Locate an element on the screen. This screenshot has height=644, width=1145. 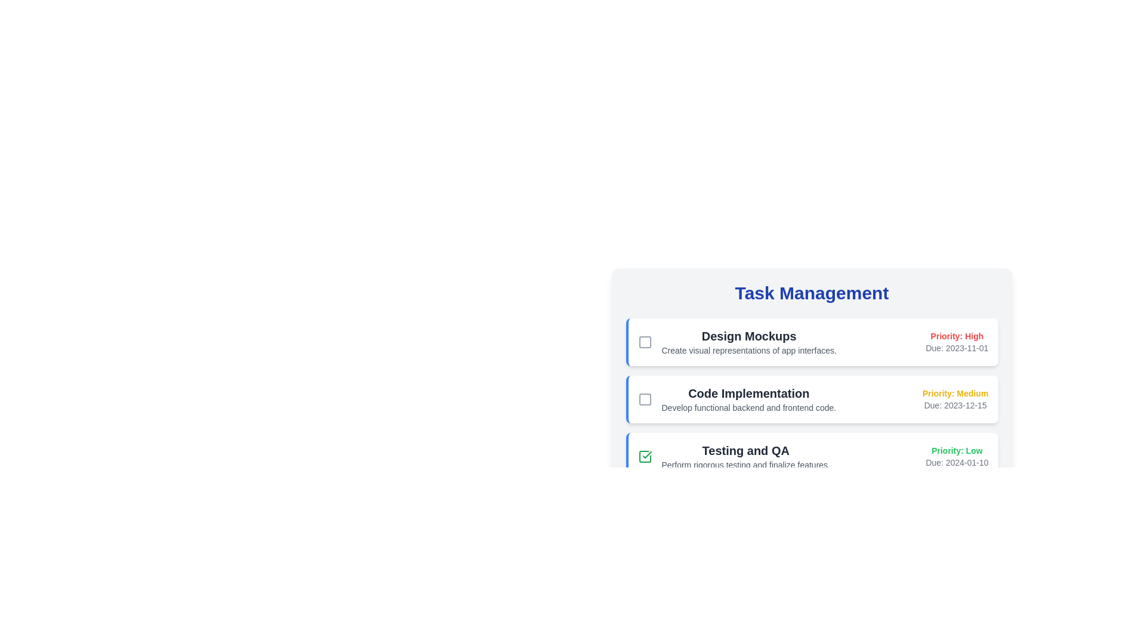
text label that says 'Create visual representations of app interfaces.' located under the 'Design Mockups' title in the 'Task Management' section is located at coordinates (748, 349).